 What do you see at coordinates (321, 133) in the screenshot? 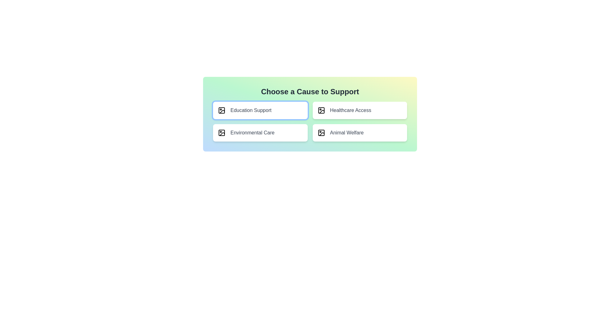
I see `the icon representing an image placeholder next to the label 'Animal Welfare'` at bounding box center [321, 133].